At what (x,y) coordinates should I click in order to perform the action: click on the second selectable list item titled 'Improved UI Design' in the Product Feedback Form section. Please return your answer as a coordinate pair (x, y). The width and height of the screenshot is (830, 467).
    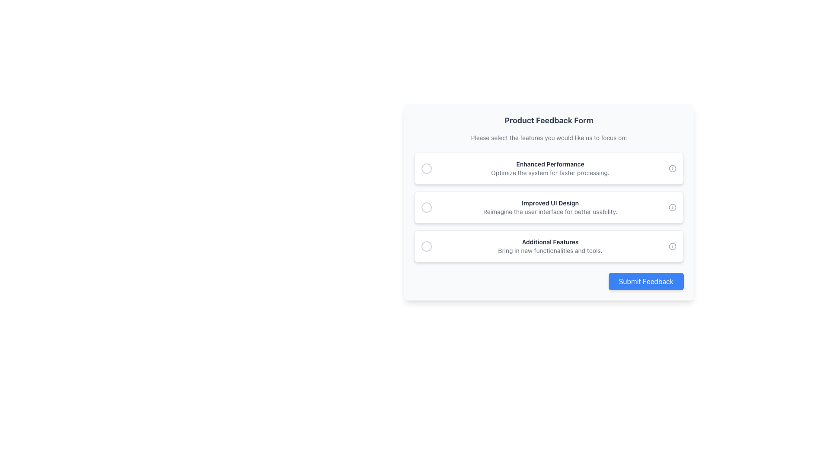
    Looking at the image, I should click on (549, 207).